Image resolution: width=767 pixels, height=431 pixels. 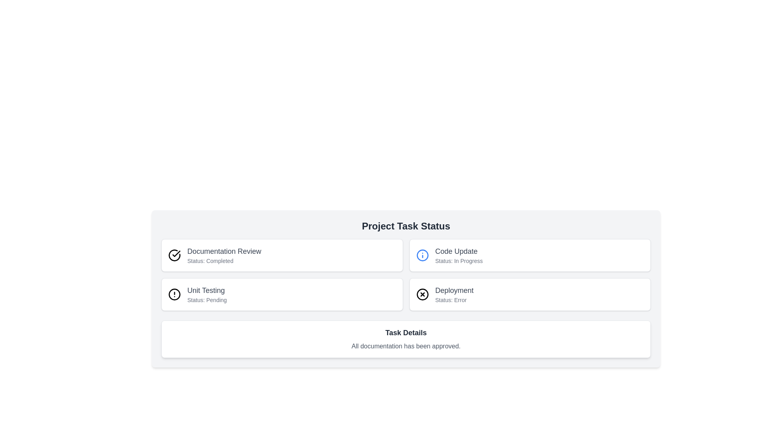 What do you see at coordinates (459, 251) in the screenshot?
I see `the text label that serves as the title for the task status card, located on the right-hand side of the interface in the second task card of the second row under 'Project Task Status'` at bounding box center [459, 251].